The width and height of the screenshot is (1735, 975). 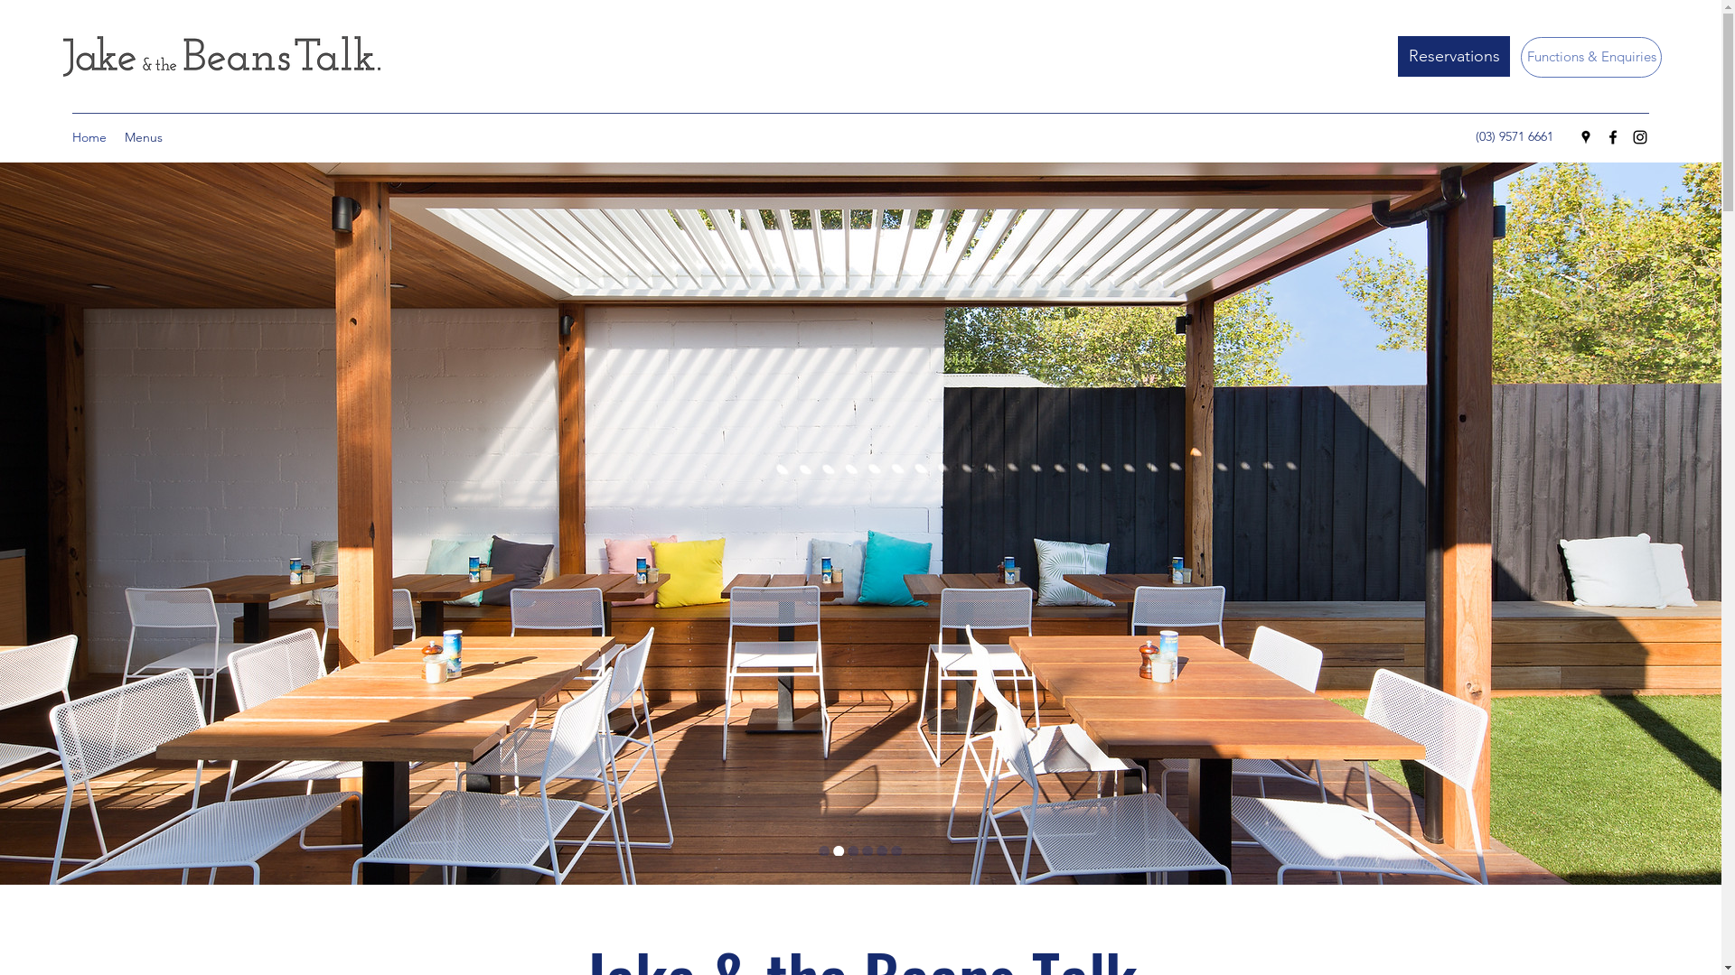 What do you see at coordinates (142, 135) in the screenshot?
I see `'Menus'` at bounding box center [142, 135].